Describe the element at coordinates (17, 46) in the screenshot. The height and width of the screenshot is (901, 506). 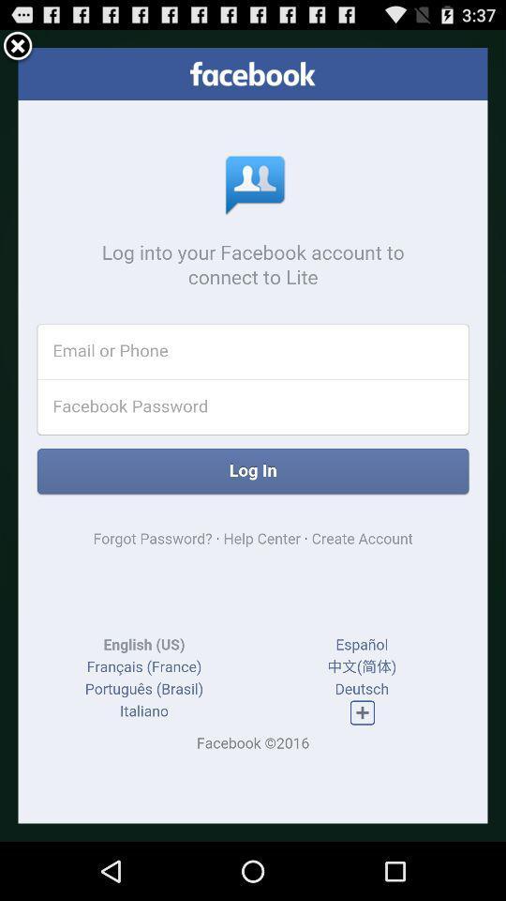
I see `close` at that location.